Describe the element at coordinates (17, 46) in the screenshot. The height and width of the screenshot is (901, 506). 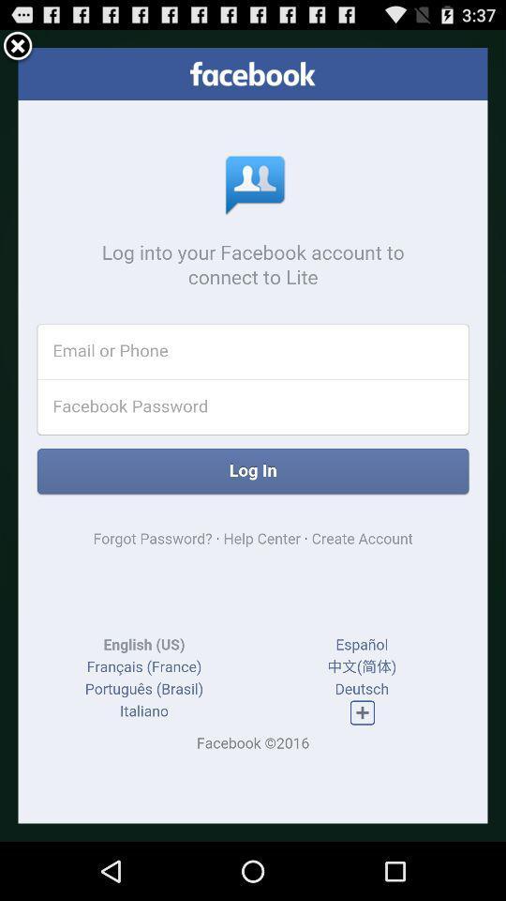
I see `close` at that location.